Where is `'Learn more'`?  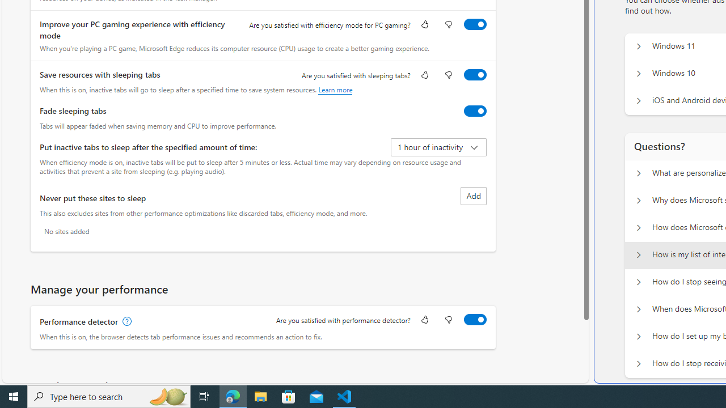 'Learn more' is located at coordinates (335, 89).